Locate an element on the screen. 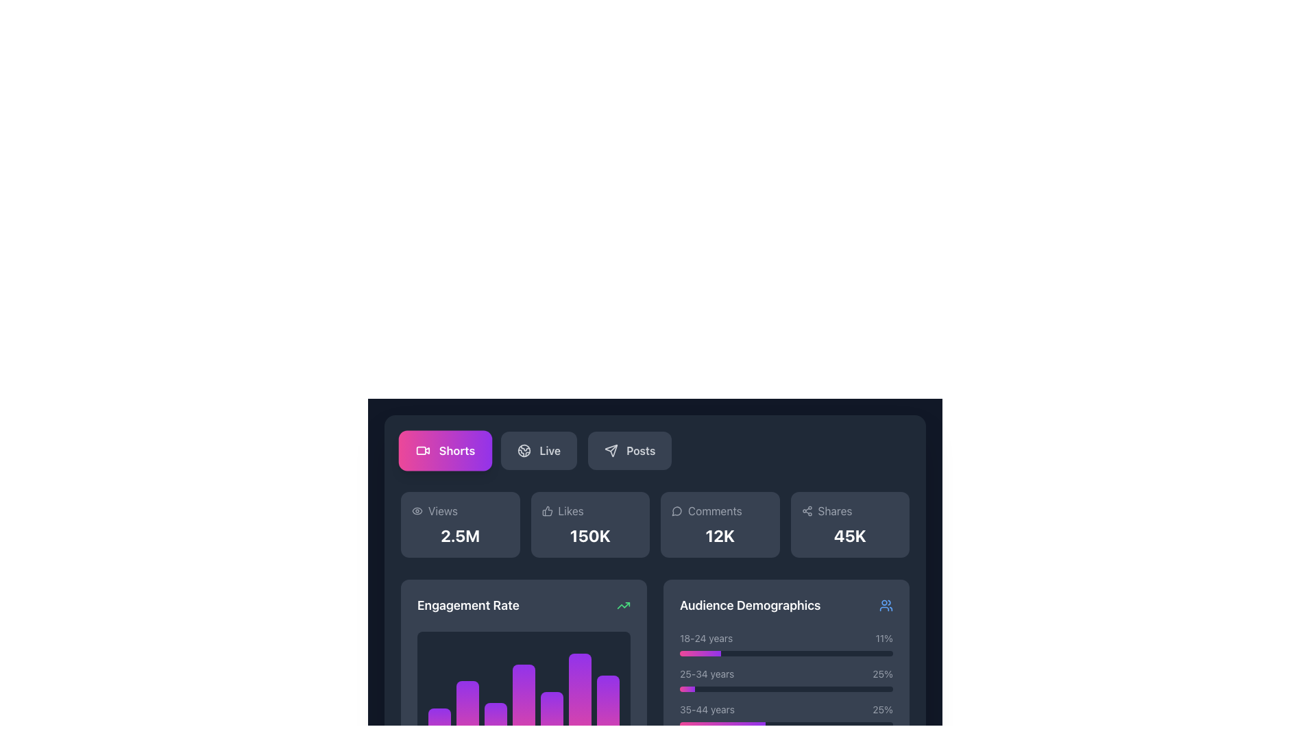 This screenshot has height=740, width=1316. the demographic data text label pair located in the second row under the 'Audience Demographics' section, which displays the age range on the left and the corresponding percentage on the right is located at coordinates (786, 673).